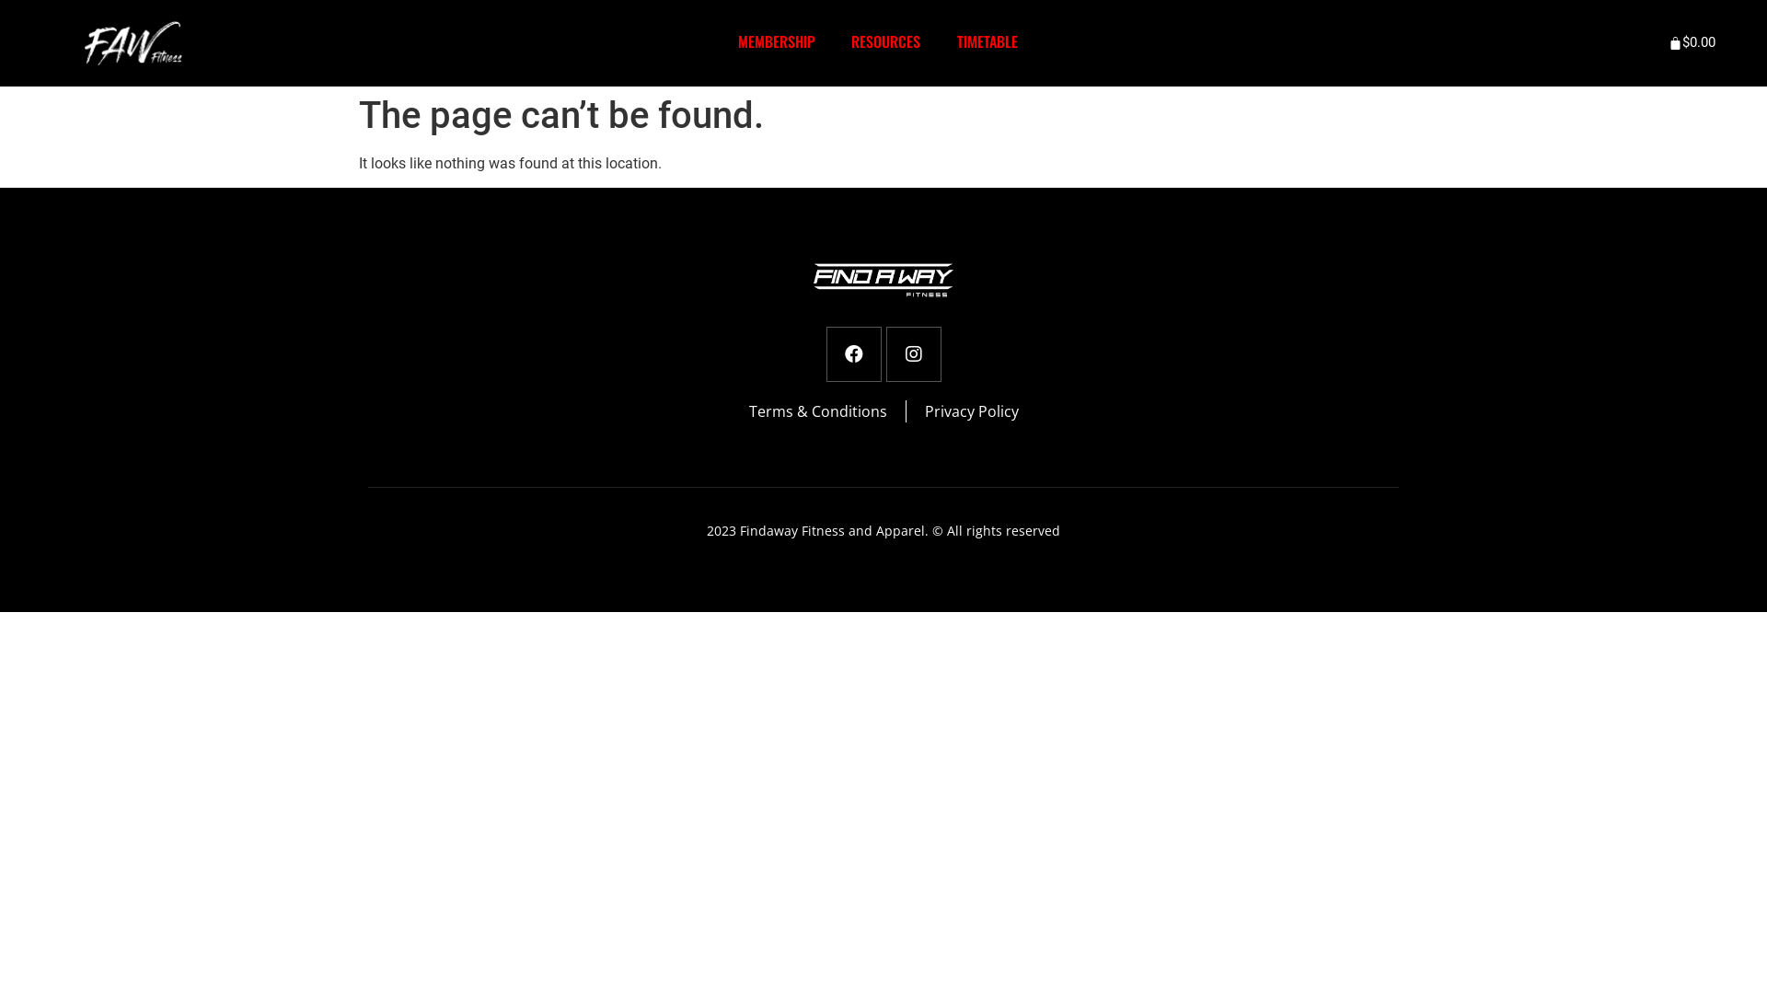 The height and width of the screenshot is (994, 1767). I want to click on 'Privacy Policy', so click(970, 410).